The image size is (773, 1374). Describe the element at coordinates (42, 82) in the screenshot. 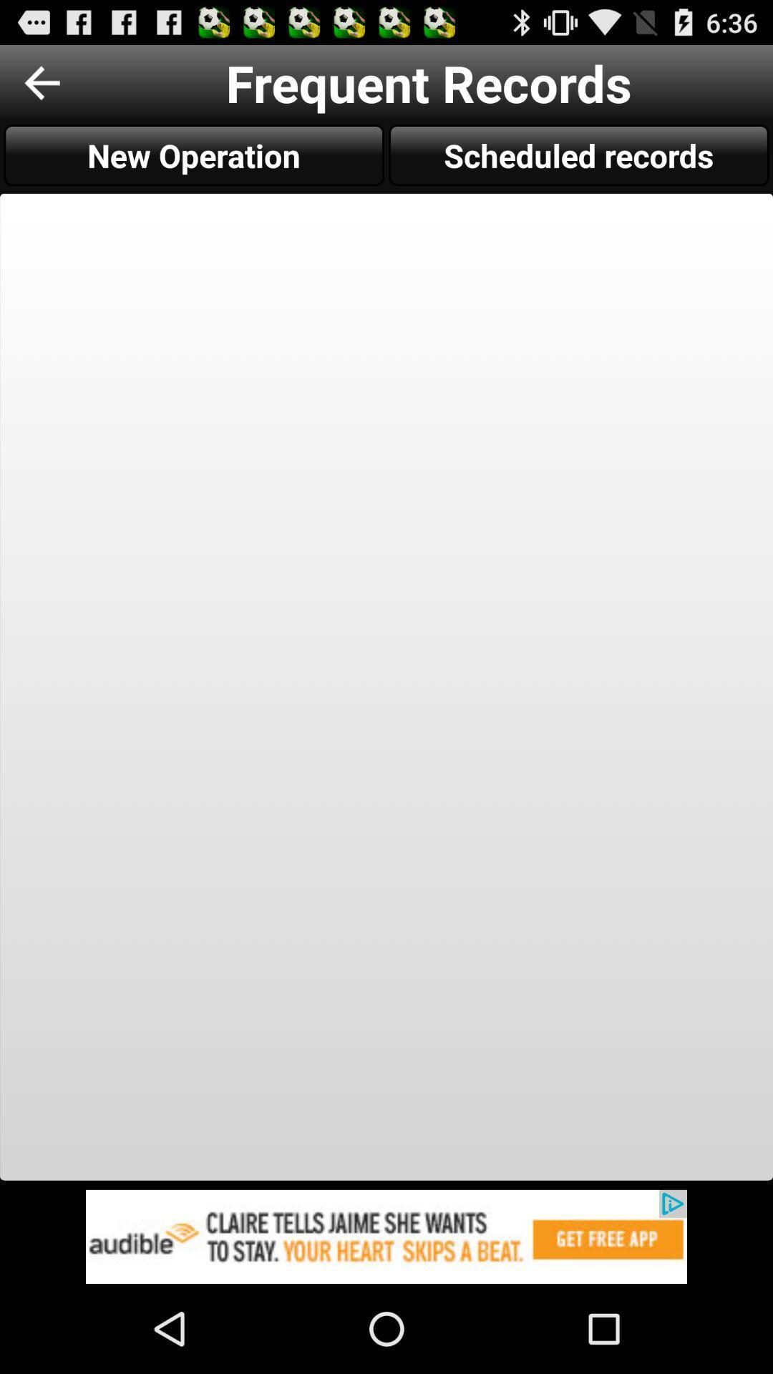

I see `go back` at that location.